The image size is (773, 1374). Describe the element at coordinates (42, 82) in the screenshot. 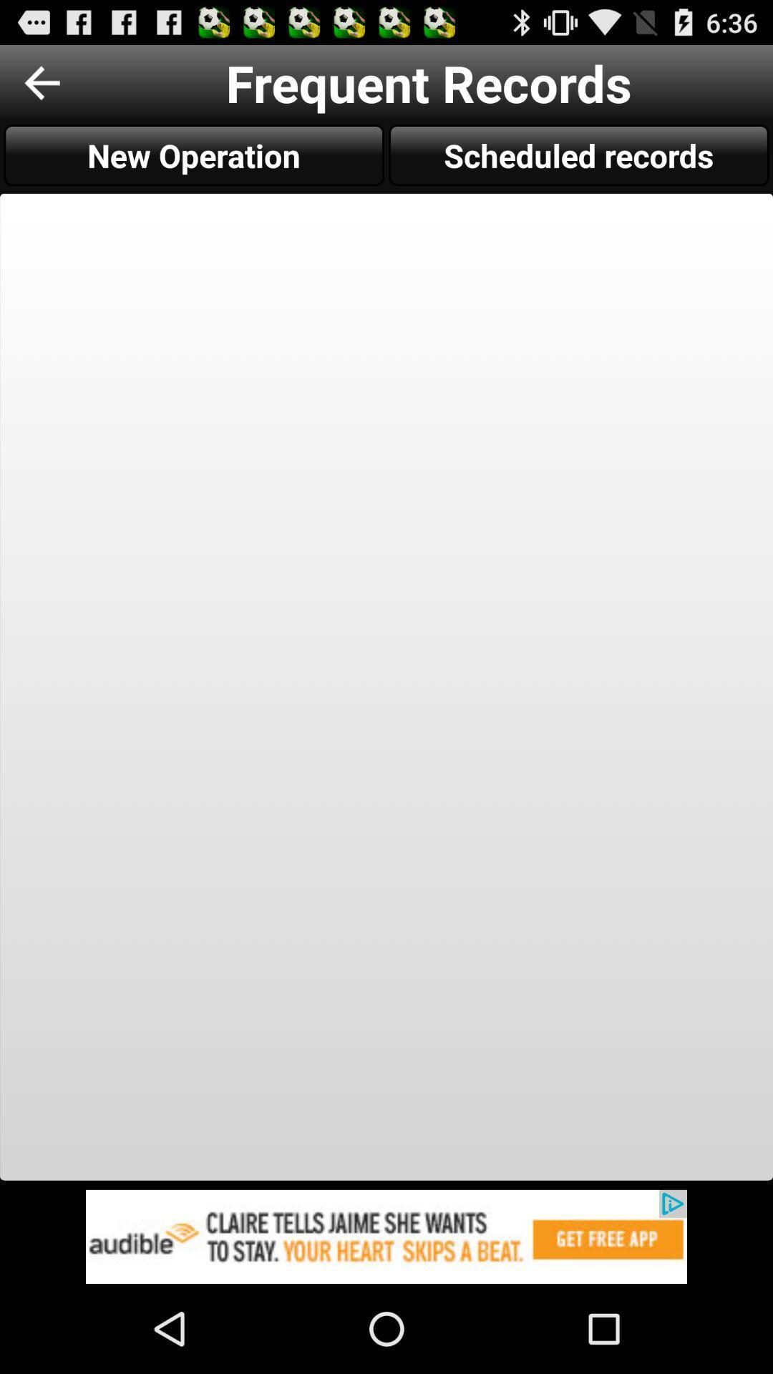

I see `go back` at that location.